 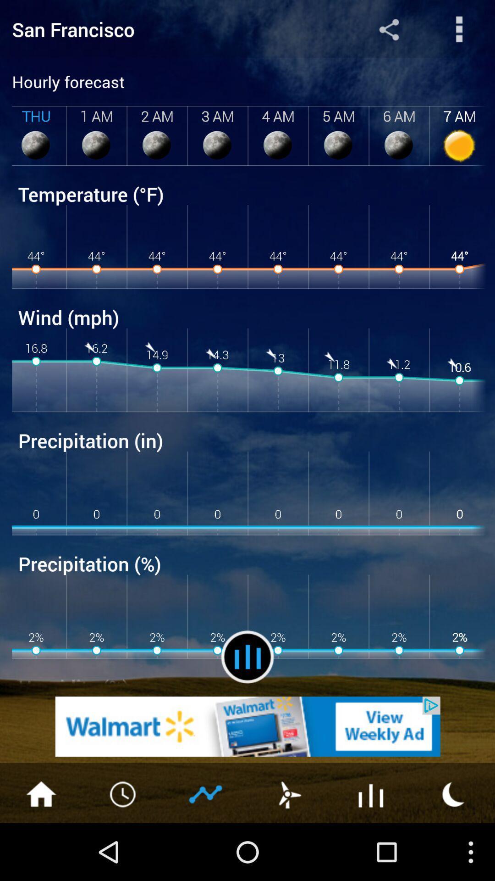 I want to click on go walmart home page, so click(x=247, y=726).